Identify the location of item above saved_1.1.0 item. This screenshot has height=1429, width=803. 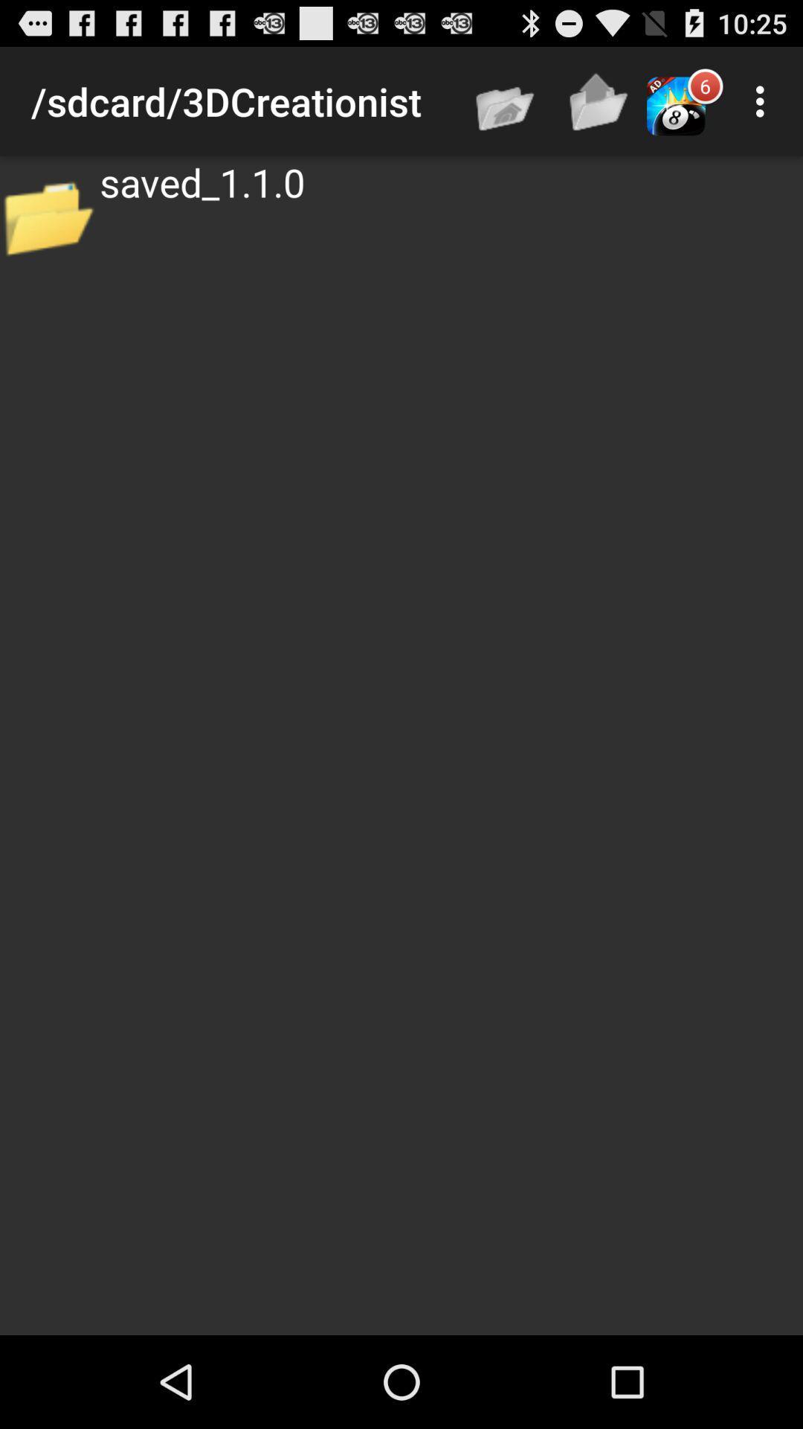
(599, 100).